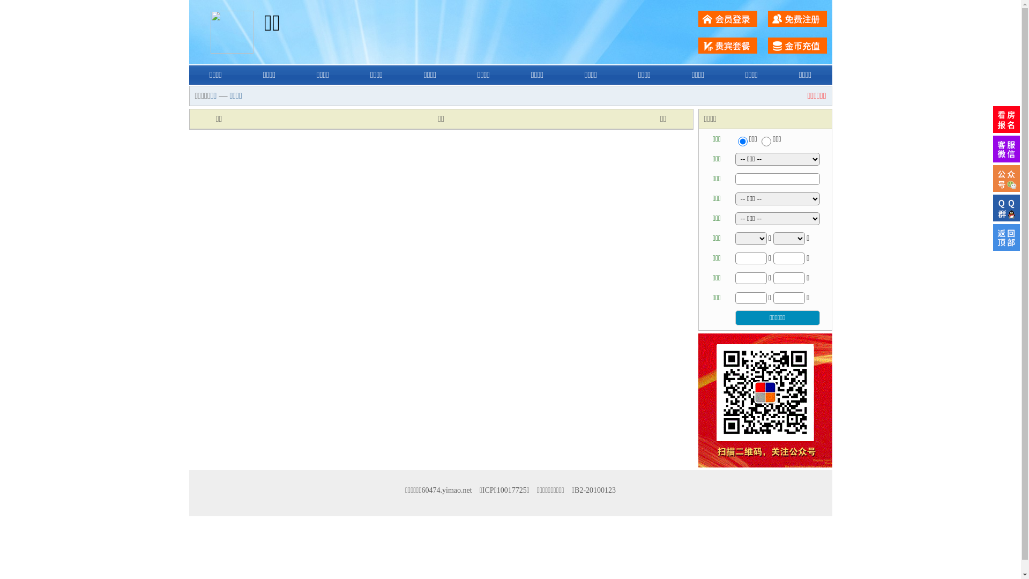 The width and height of the screenshot is (1029, 579). Describe the element at coordinates (766, 140) in the screenshot. I see `'chuzu'` at that location.